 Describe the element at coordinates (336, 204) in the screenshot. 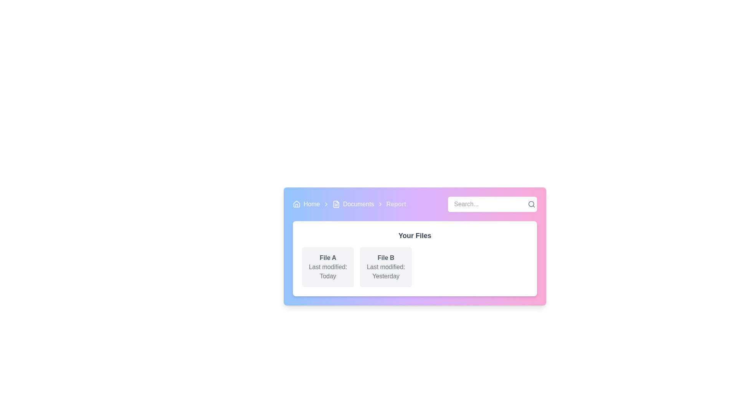

I see `the simplified sheet of paper icon located to the left of the 'Documents' breadcrumb item` at that location.